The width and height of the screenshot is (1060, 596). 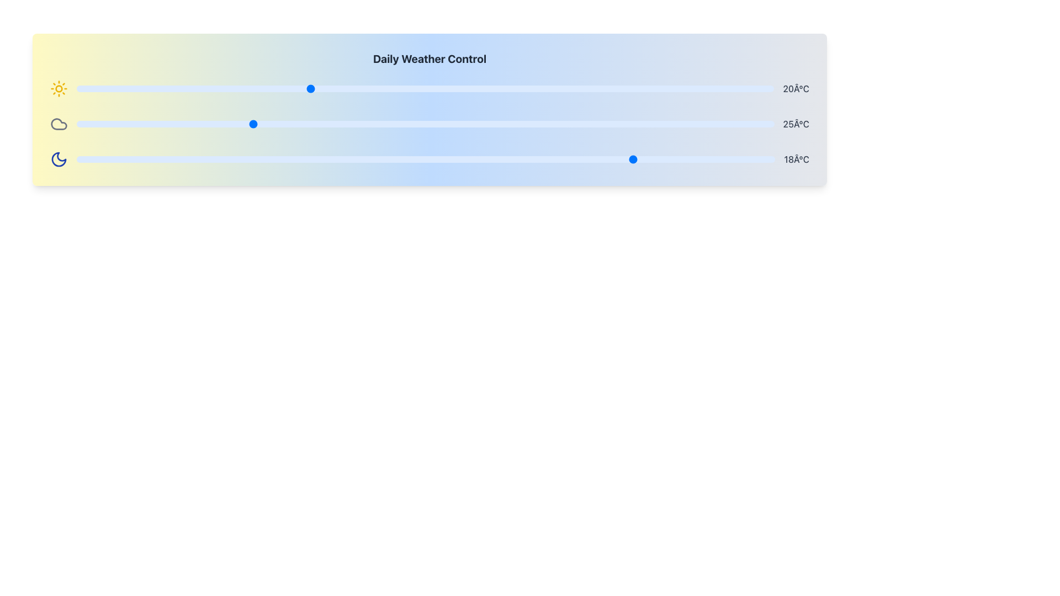 What do you see at coordinates (356, 159) in the screenshot?
I see `the temperature slider` at bounding box center [356, 159].